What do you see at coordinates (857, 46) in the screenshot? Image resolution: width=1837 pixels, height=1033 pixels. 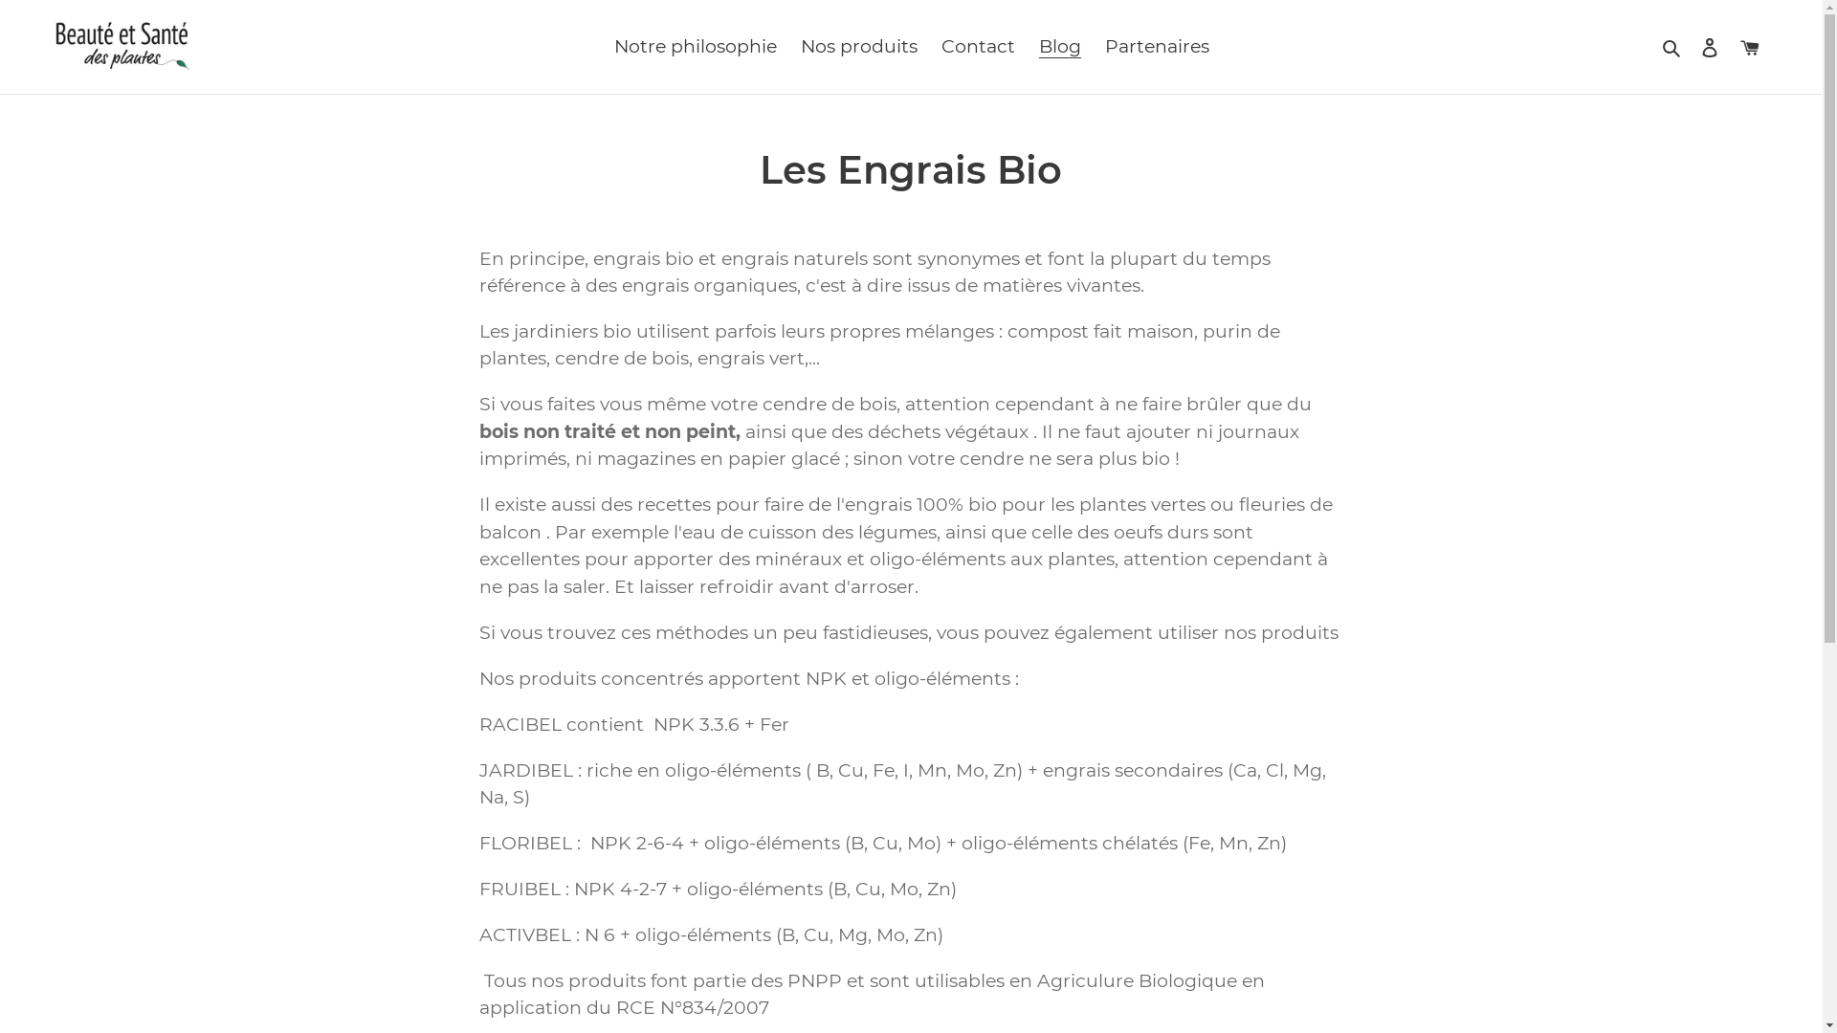 I see `'Nos produits'` at bounding box center [857, 46].